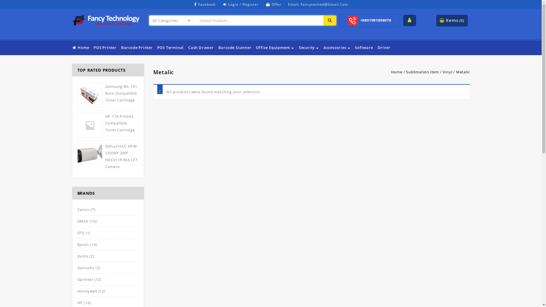 Image resolution: width=546 pixels, height=307 pixels. What do you see at coordinates (108, 93) in the screenshot?
I see `'Samsung ML-101 Euro Compatible Toner Cartridge'` at bounding box center [108, 93].